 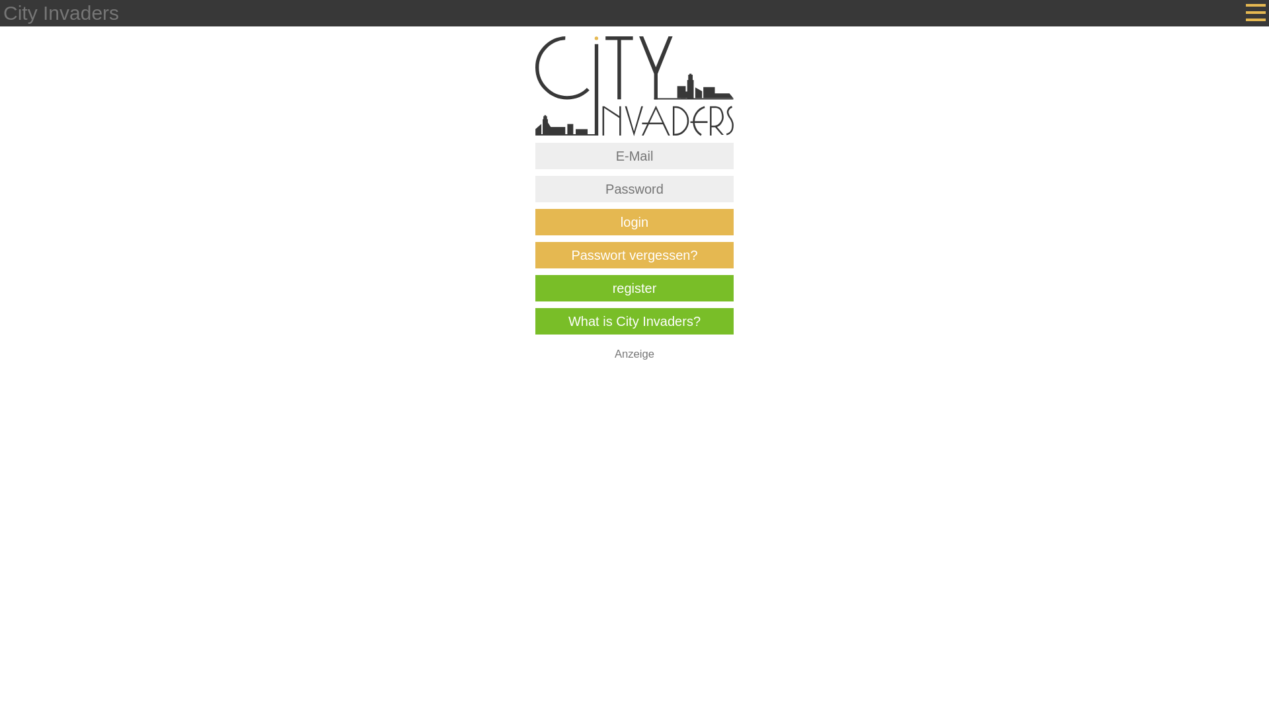 I want to click on 'login', so click(x=634, y=221).